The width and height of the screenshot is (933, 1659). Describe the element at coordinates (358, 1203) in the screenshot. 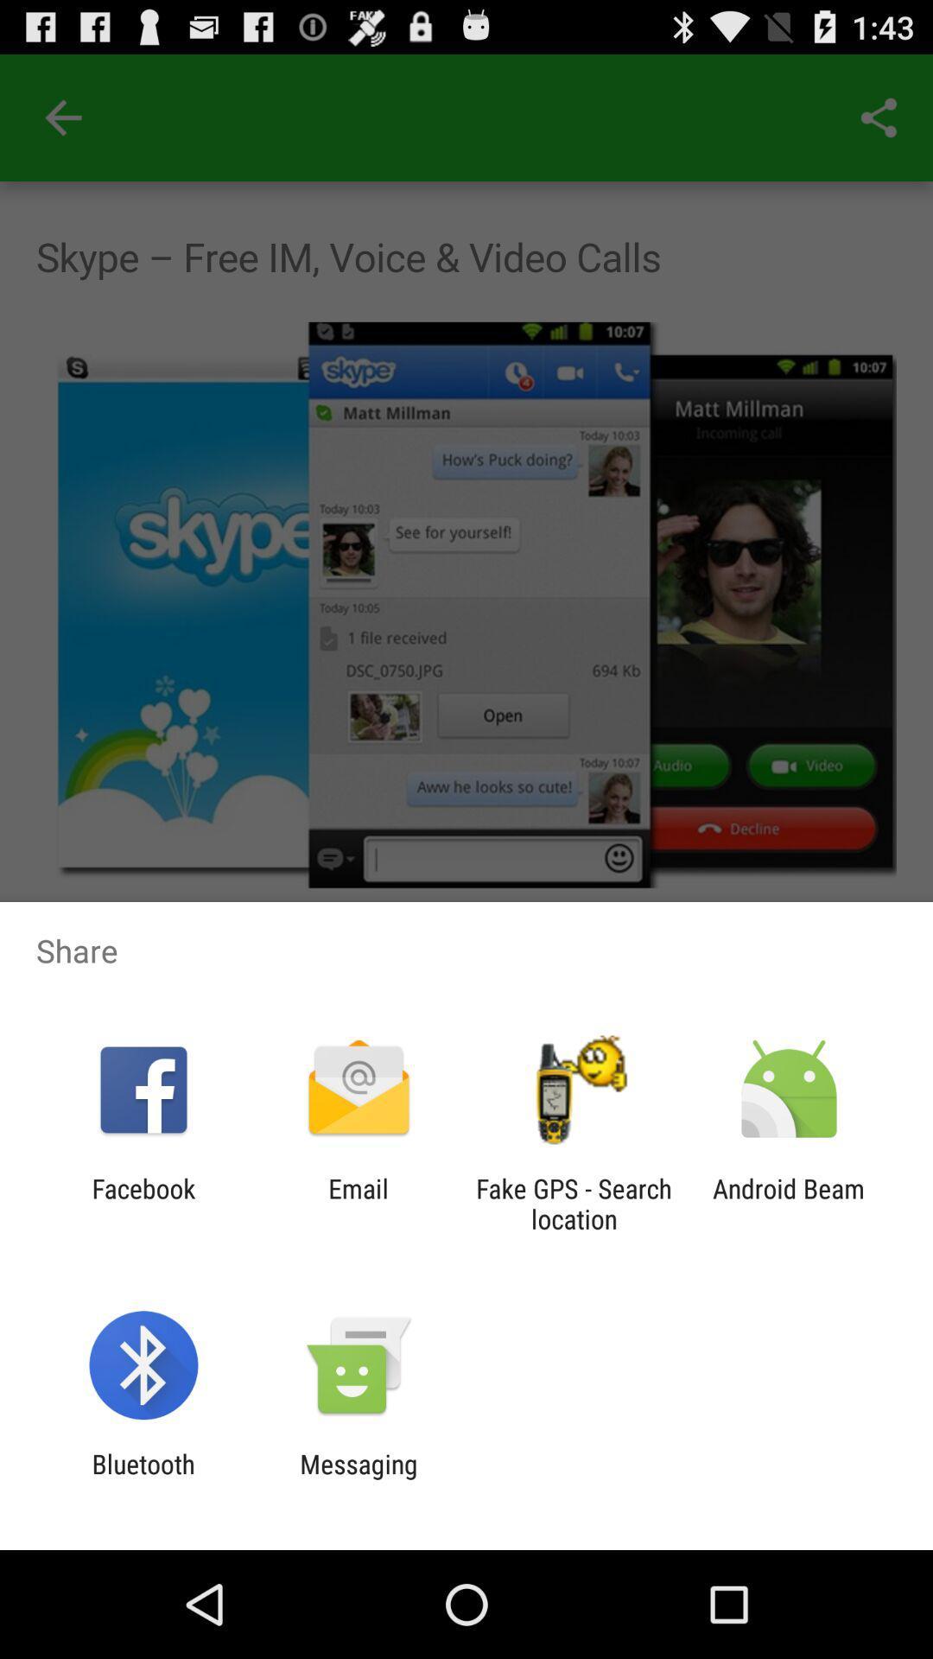

I see `icon to the left of the fake gps search item` at that location.